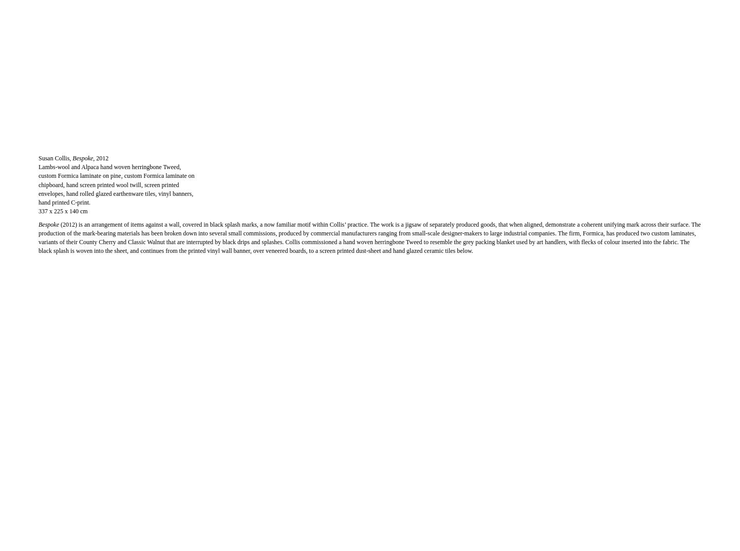 Image resolution: width=740 pixels, height=551 pixels. What do you see at coordinates (63, 201) in the screenshot?
I see `'hand printed C-print.'` at bounding box center [63, 201].